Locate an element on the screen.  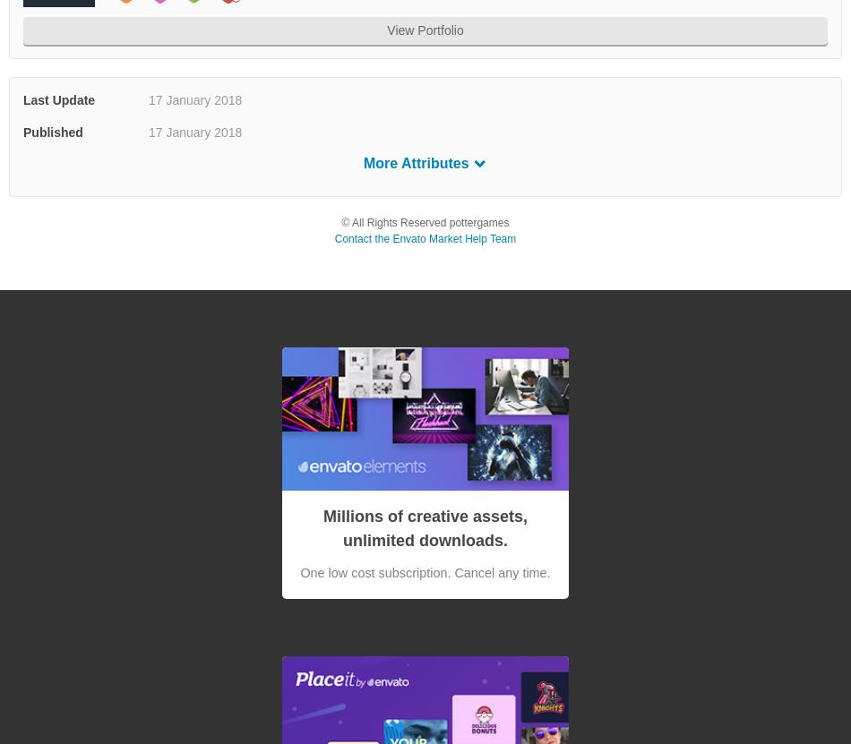
'Contact the Envato Market Help Team' is located at coordinates (332, 238).